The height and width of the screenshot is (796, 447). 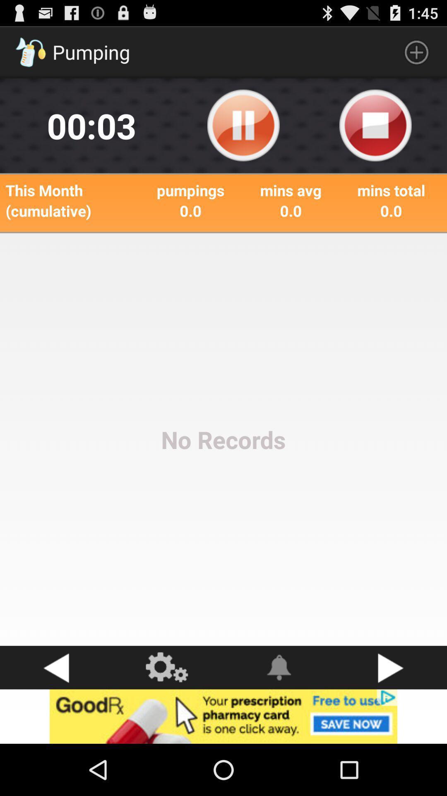 I want to click on pause button, so click(x=243, y=125).